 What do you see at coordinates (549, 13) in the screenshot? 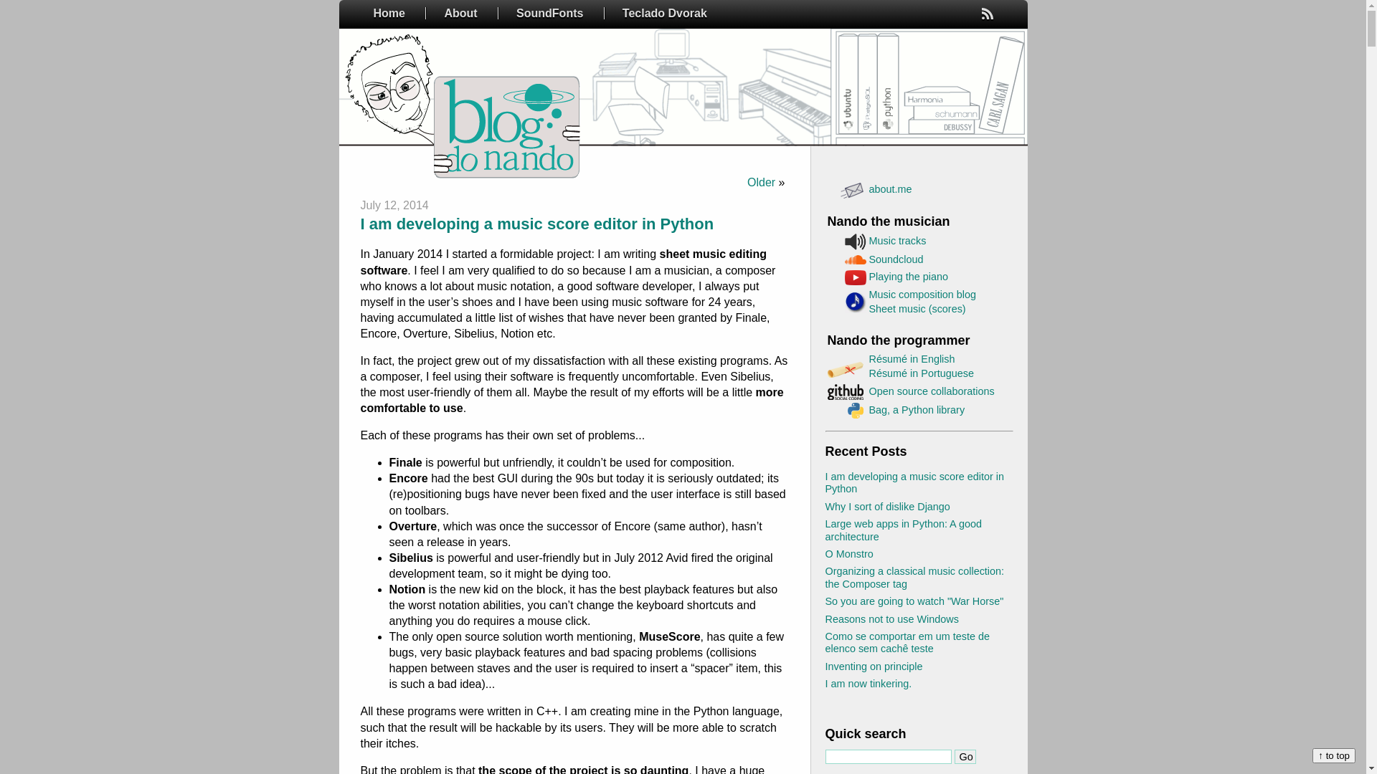
I see `'SoundFonts'` at bounding box center [549, 13].